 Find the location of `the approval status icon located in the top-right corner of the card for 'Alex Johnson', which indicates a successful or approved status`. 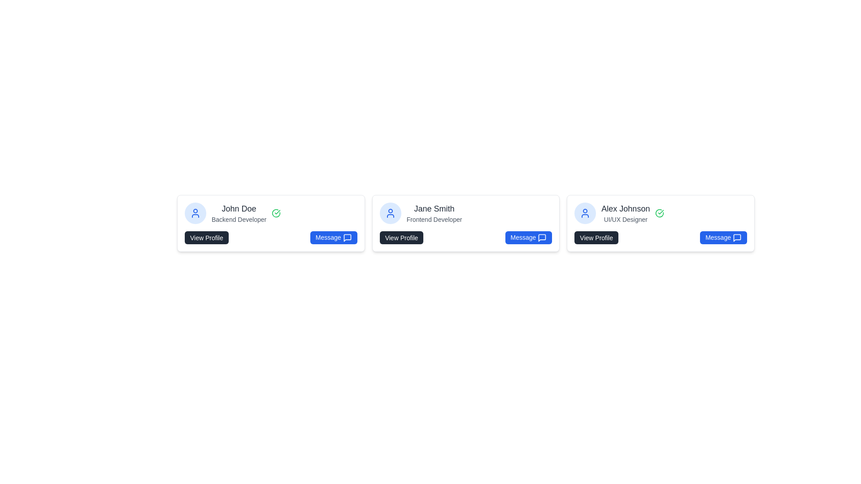

the approval status icon located in the top-right corner of the card for 'Alex Johnson', which indicates a successful or approved status is located at coordinates (660, 213).